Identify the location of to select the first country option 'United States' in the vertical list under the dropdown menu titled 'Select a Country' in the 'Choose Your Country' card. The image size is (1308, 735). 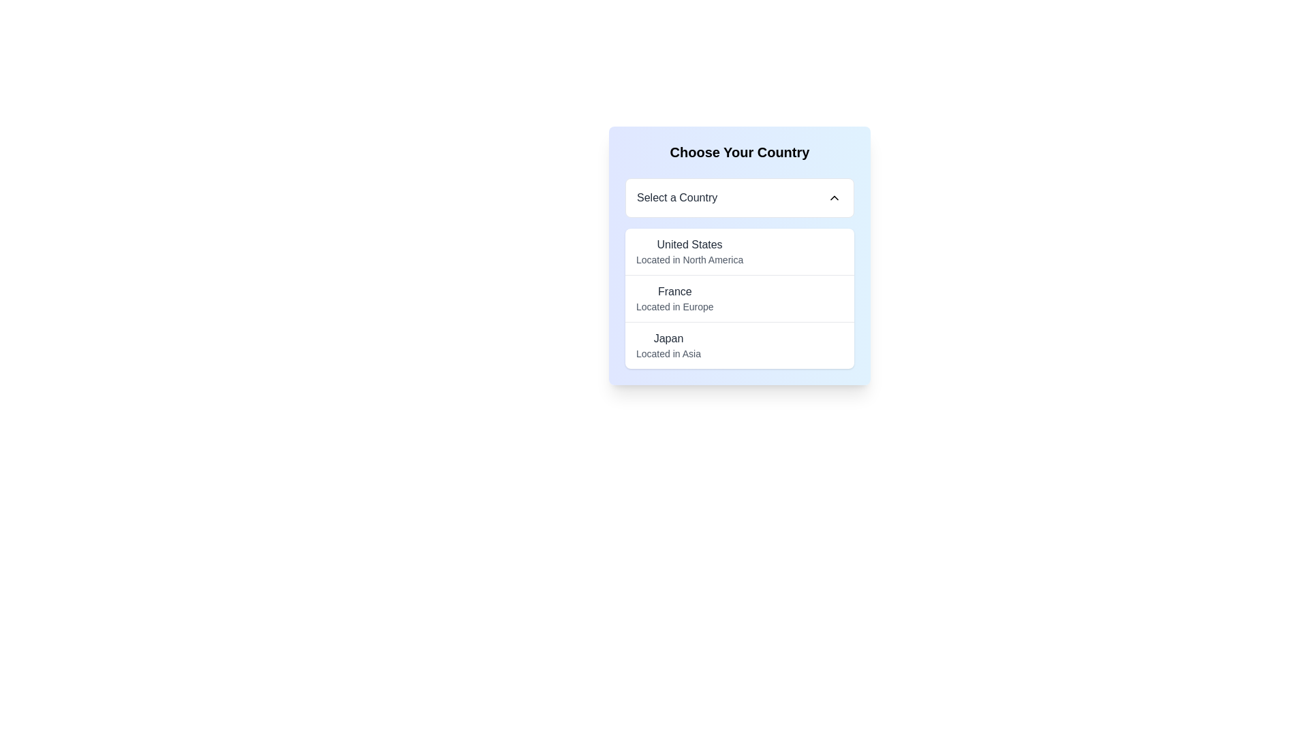
(689, 252).